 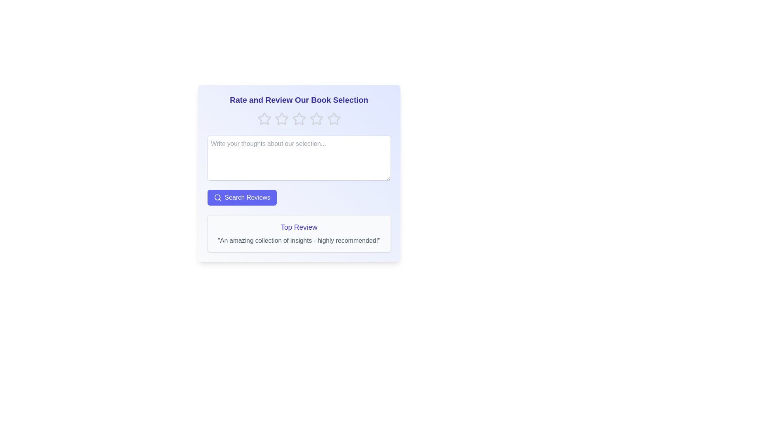 What do you see at coordinates (298, 119) in the screenshot?
I see `the star corresponding to 3 to preview the rating` at bounding box center [298, 119].